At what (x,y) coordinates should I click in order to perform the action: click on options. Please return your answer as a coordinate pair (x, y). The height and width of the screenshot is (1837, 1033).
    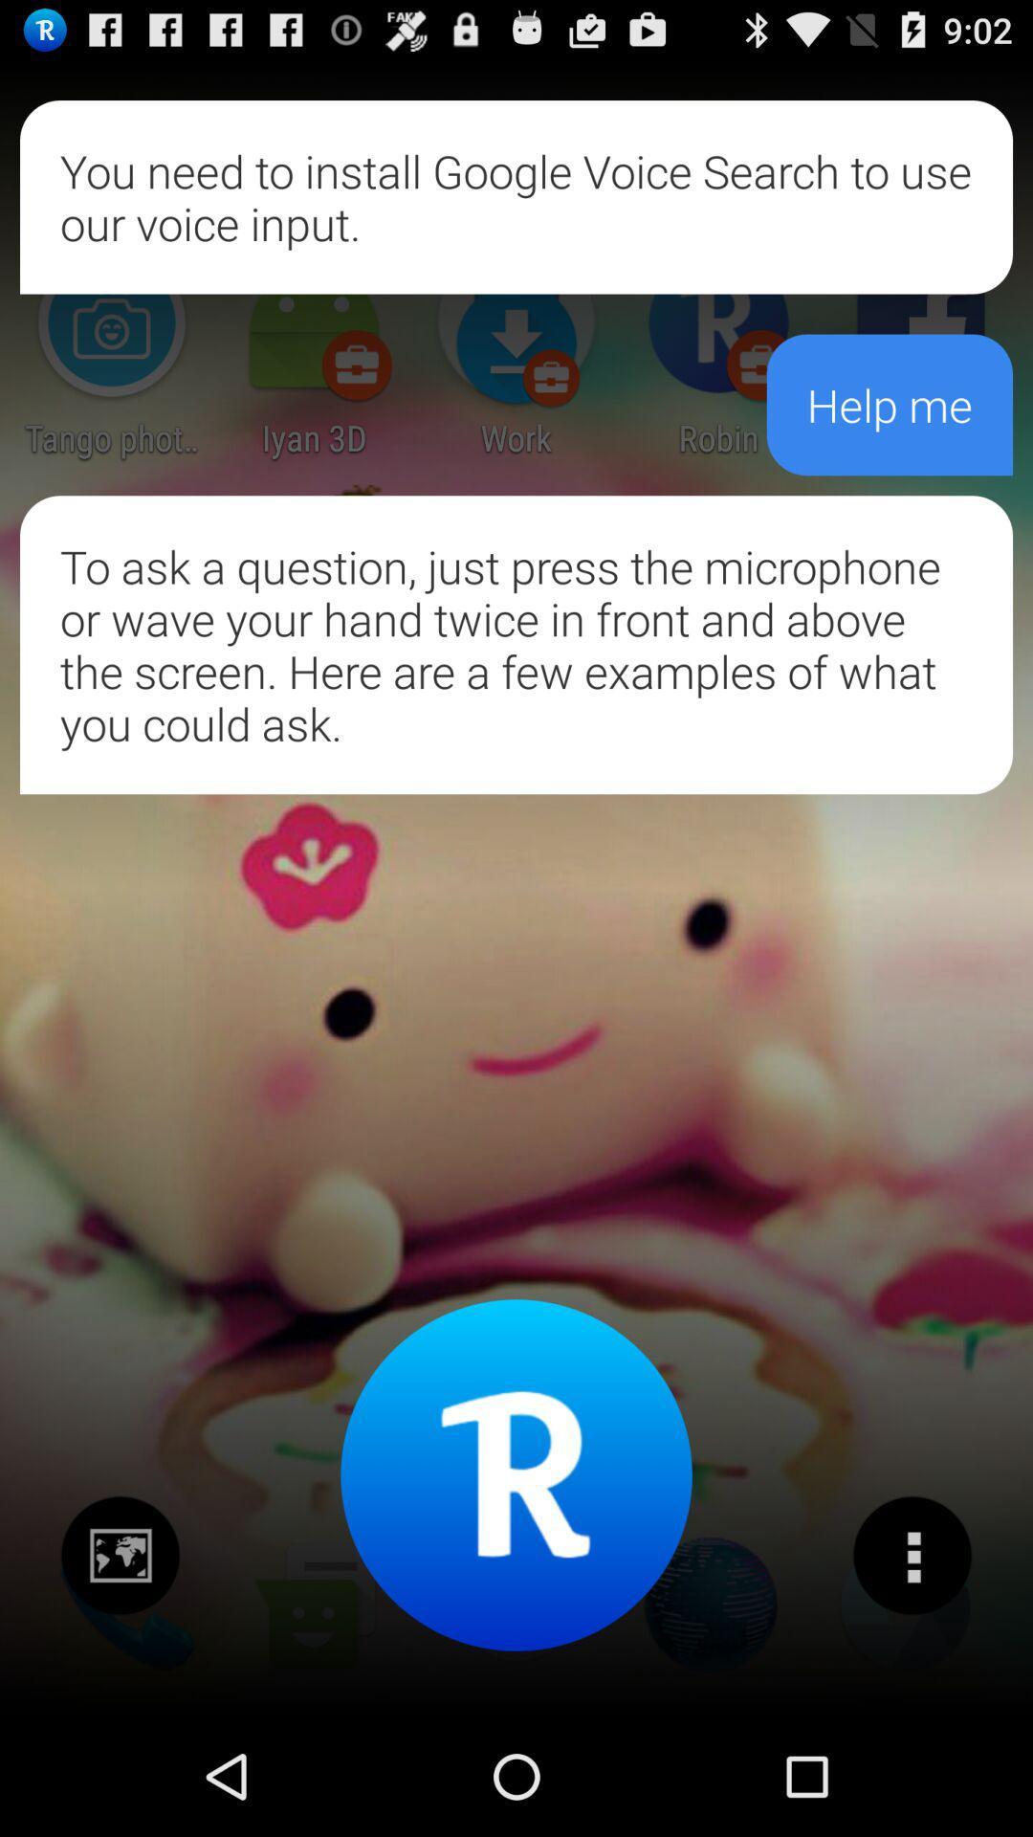
    Looking at the image, I should click on (911, 1556).